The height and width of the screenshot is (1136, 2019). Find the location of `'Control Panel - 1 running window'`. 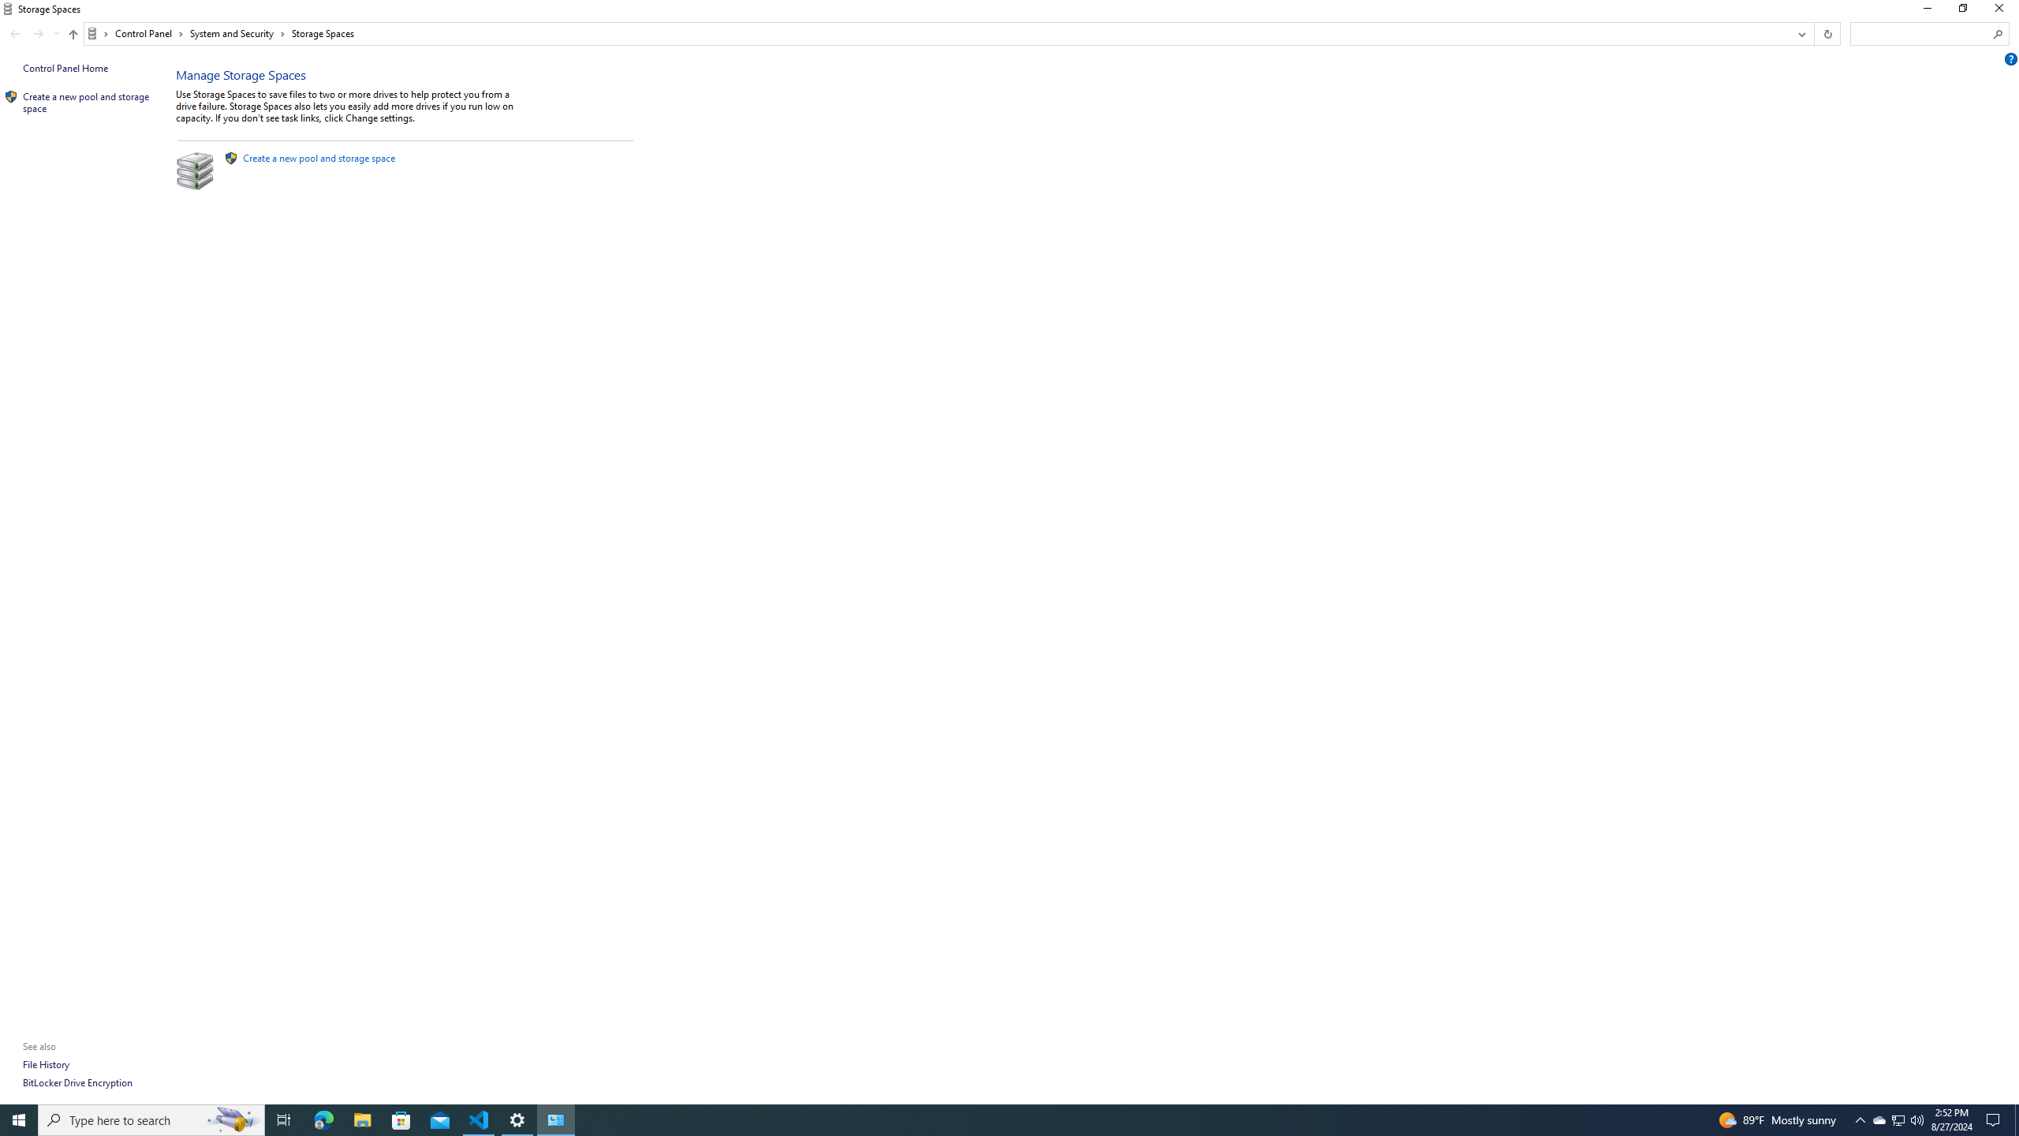

'Control Panel - 1 running window' is located at coordinates (556, 1119).